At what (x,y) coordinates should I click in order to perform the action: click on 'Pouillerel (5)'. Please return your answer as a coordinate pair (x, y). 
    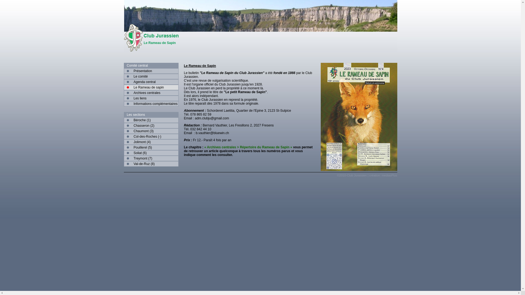
    Looking at the image, I should click on (151, 147).